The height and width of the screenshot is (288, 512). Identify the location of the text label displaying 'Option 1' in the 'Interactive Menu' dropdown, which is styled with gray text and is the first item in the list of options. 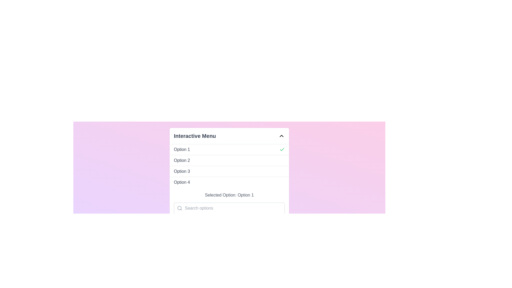
(182, 149).